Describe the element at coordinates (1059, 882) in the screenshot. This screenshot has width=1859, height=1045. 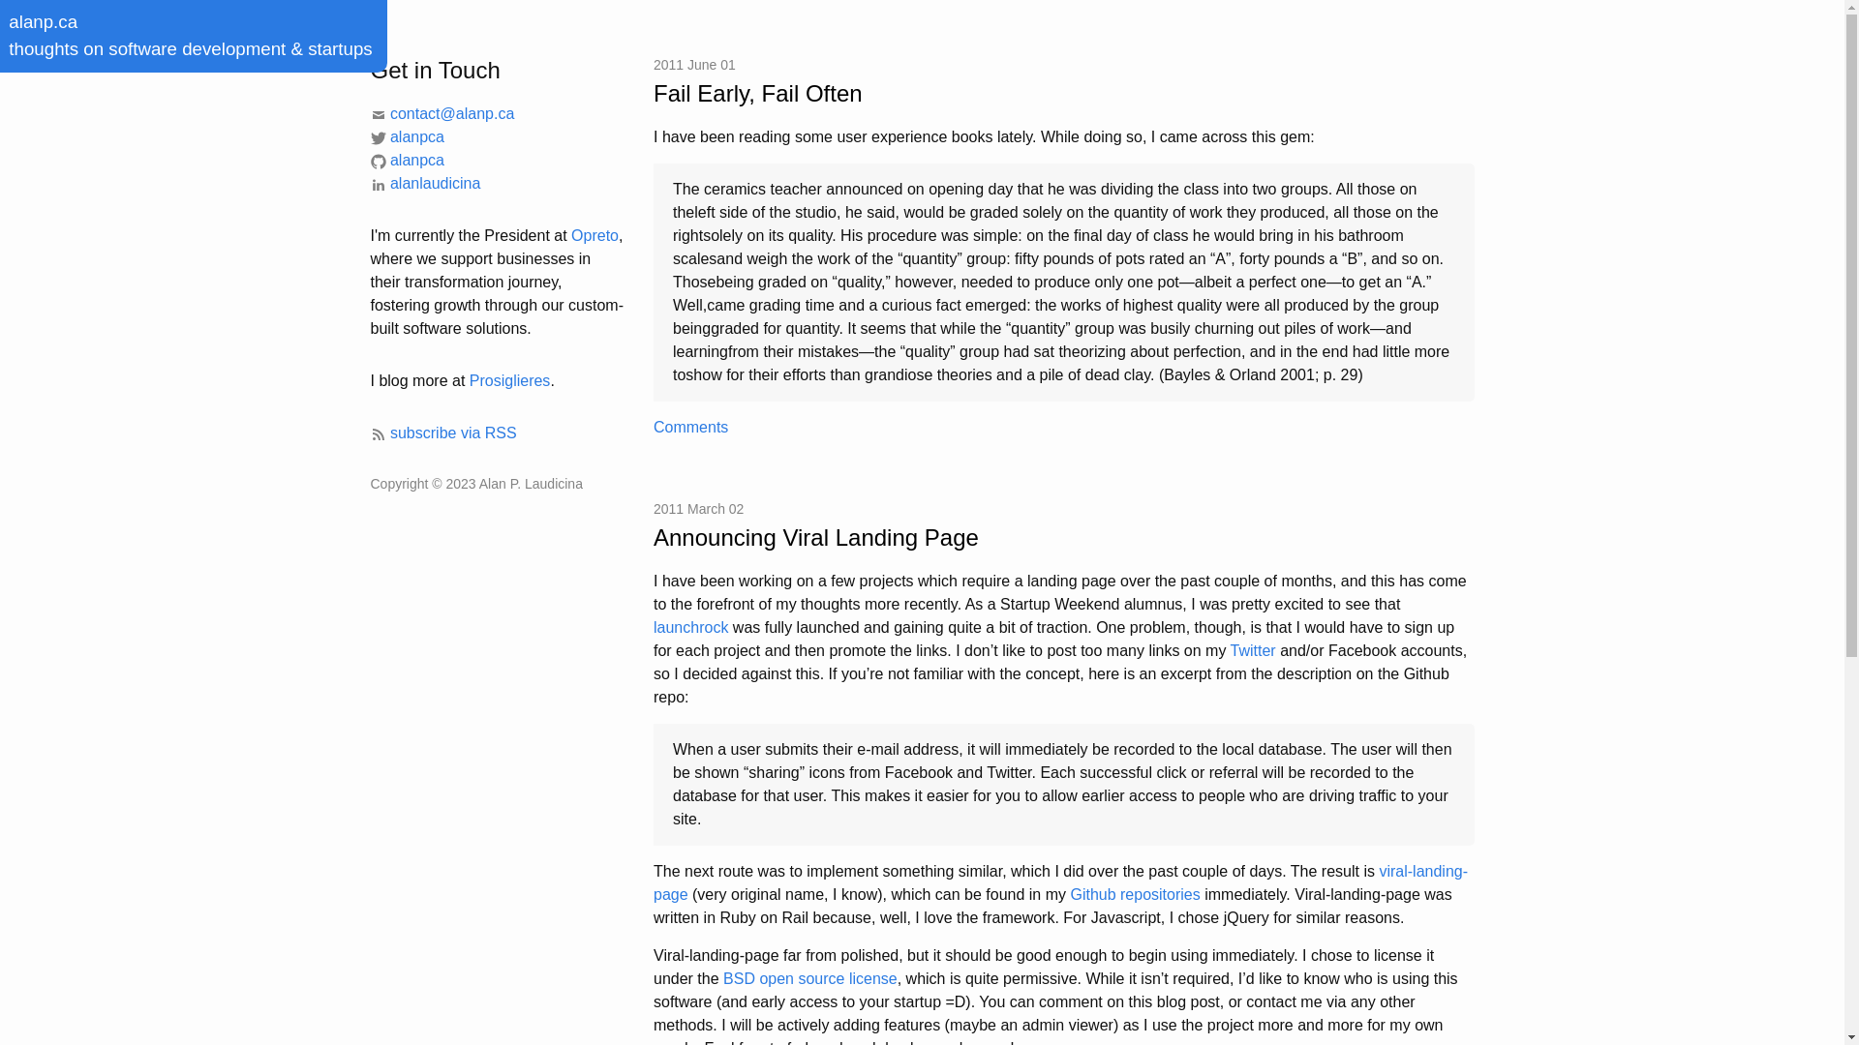
I see `'viral-landing-page'` at that location.